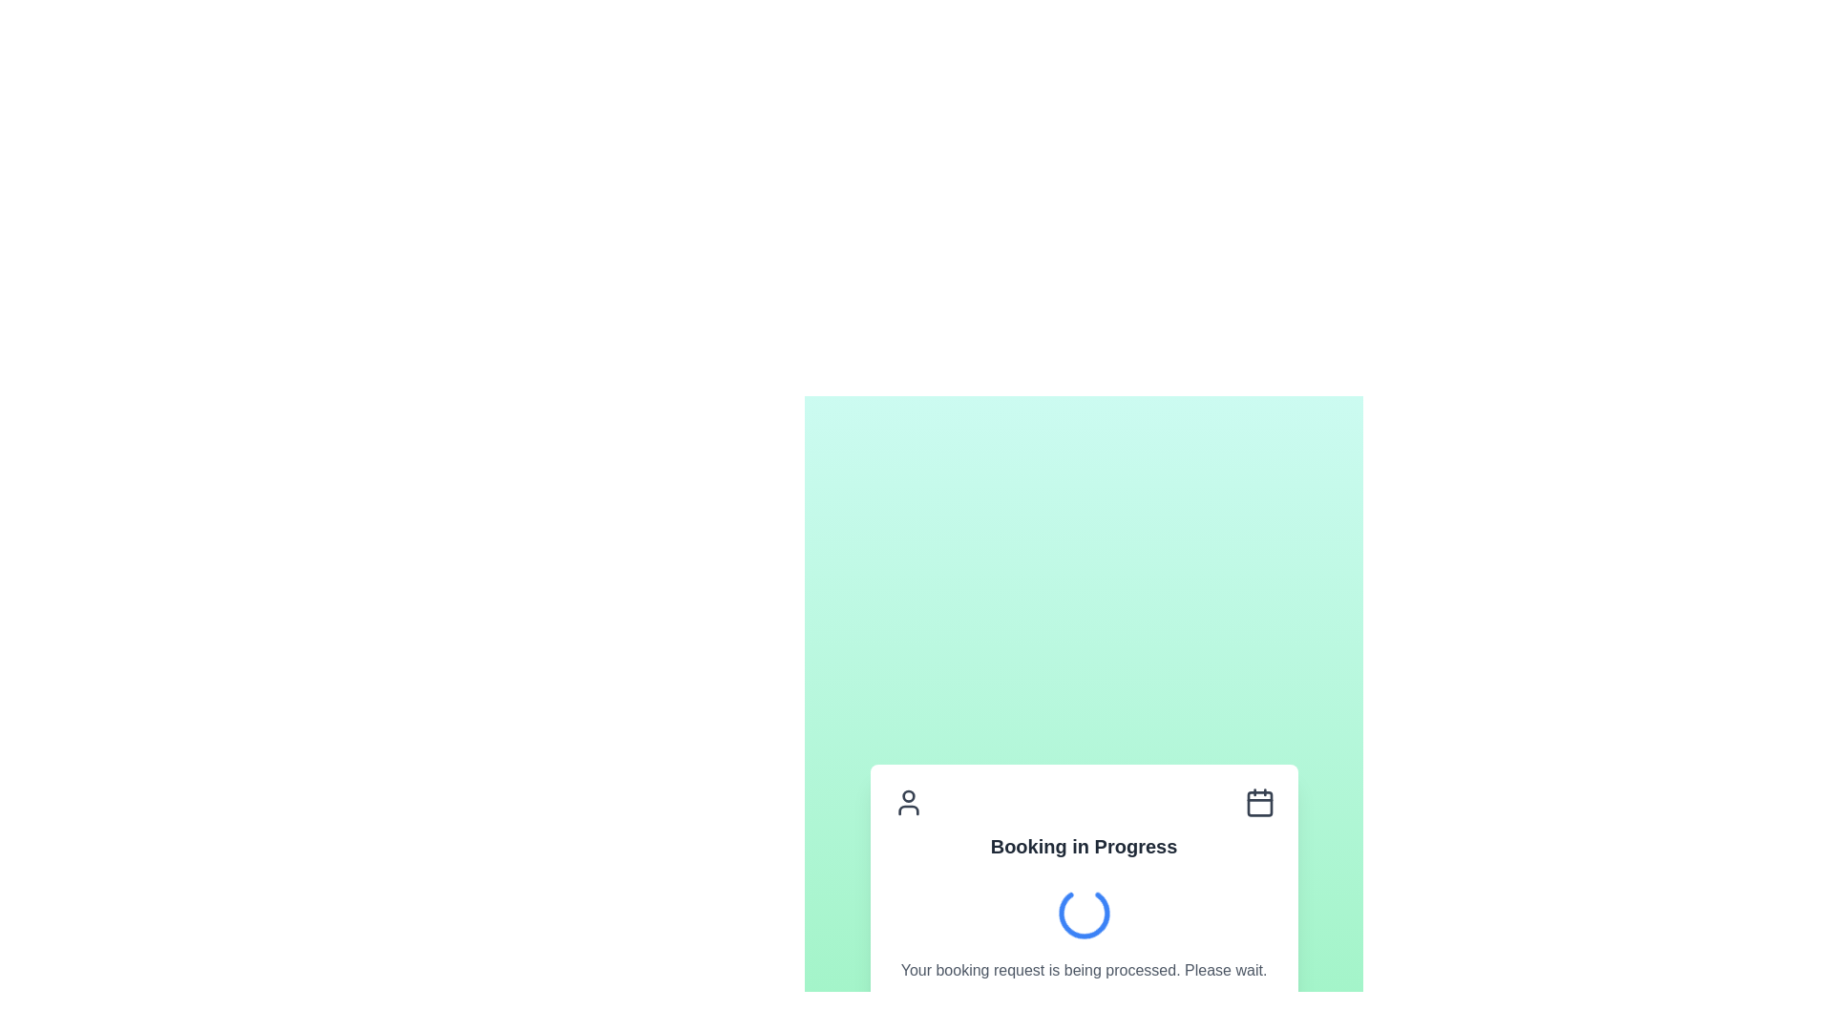 The height and width of the screenshot is (1031, 1833). Describe the element at coordinates (907, 810) in the screenshot. I see `the lower section of the user silhouette icon, which is styled with a grayish tone and located at the top-left corner of the card interface` at that location.